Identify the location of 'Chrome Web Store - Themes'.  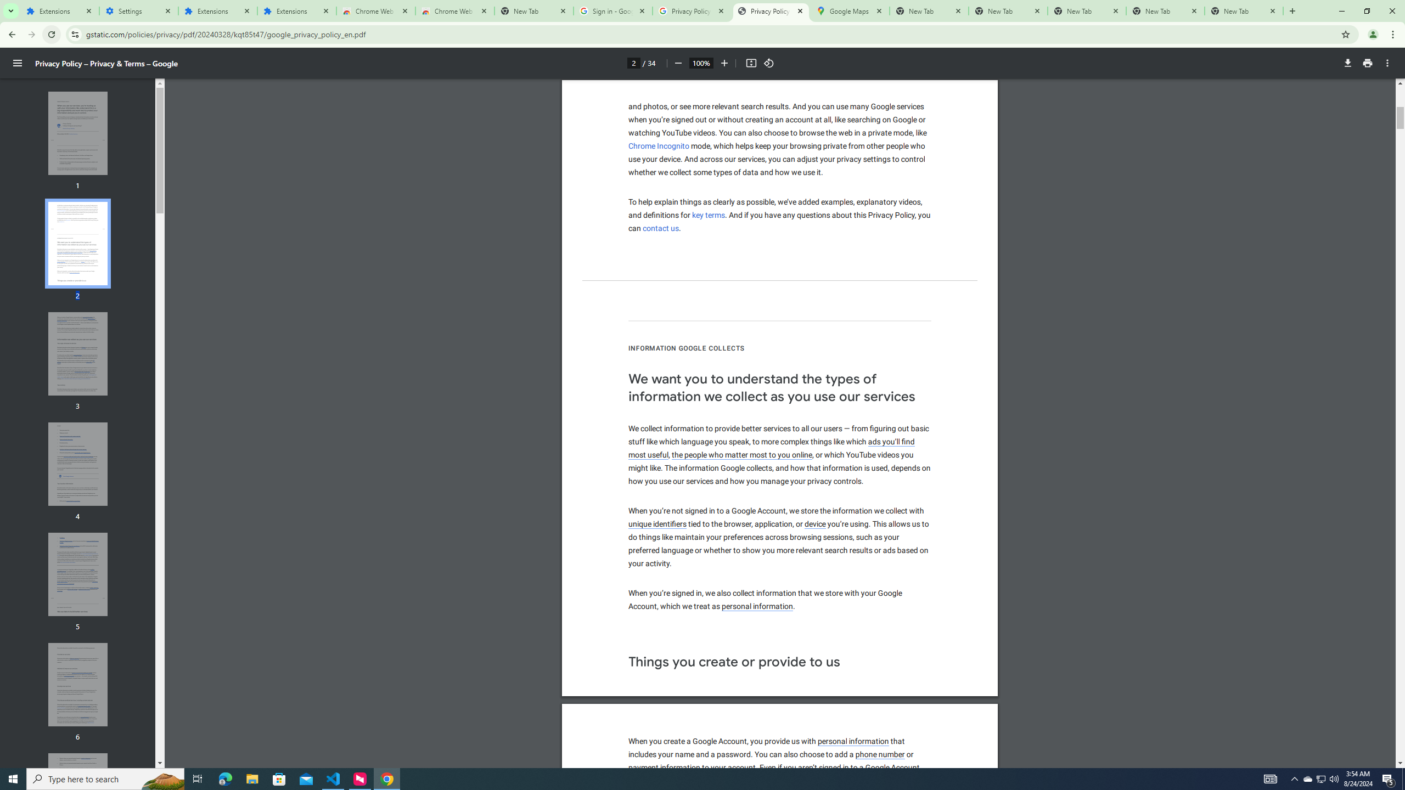
(454, 10).